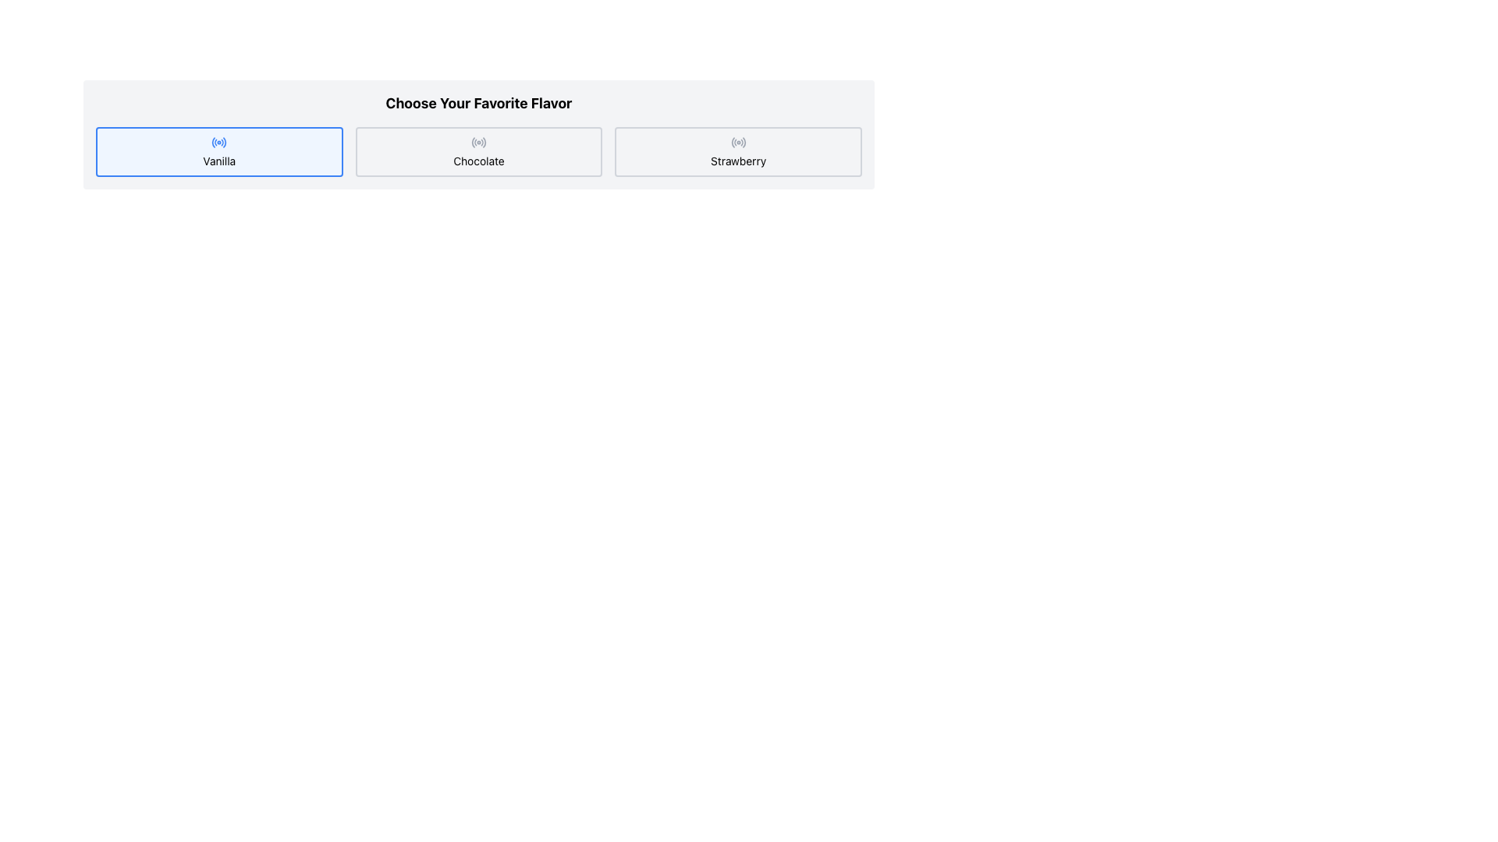 This screenshot has width=1498, height=842. I want to click on the circular radio button for the 'Chocolate' option to select it, so click(478, 142).